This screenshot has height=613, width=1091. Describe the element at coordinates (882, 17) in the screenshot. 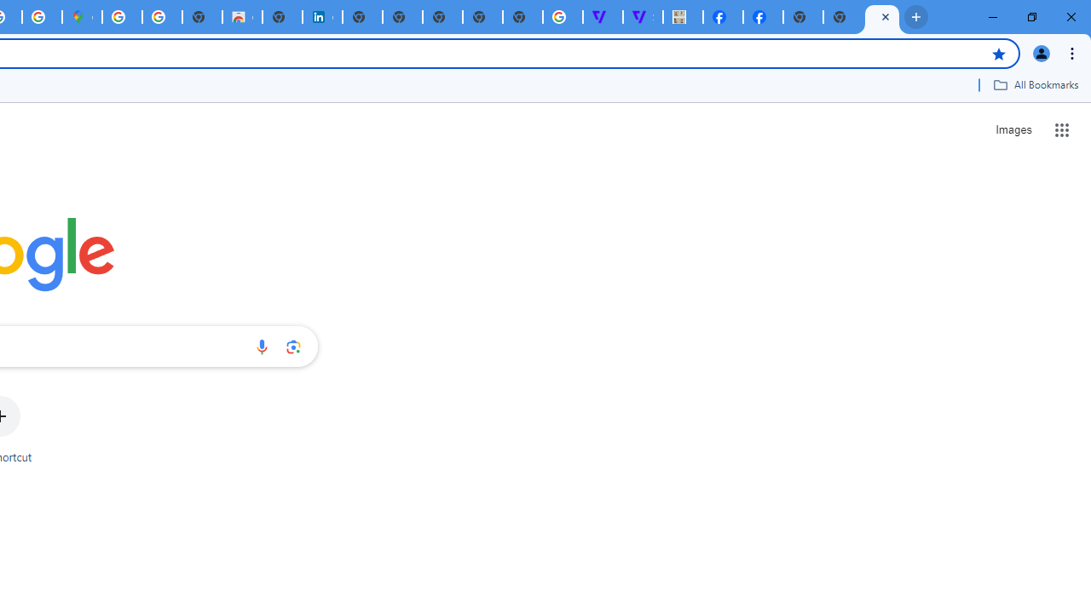

I see `'New Tab'` at that location.